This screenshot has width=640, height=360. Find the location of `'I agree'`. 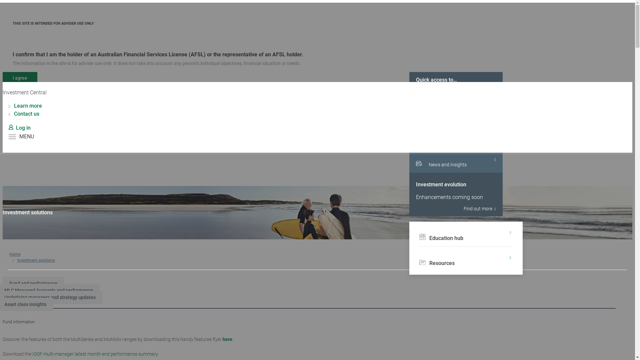

'I agree' is located at coordinates (20, 78).